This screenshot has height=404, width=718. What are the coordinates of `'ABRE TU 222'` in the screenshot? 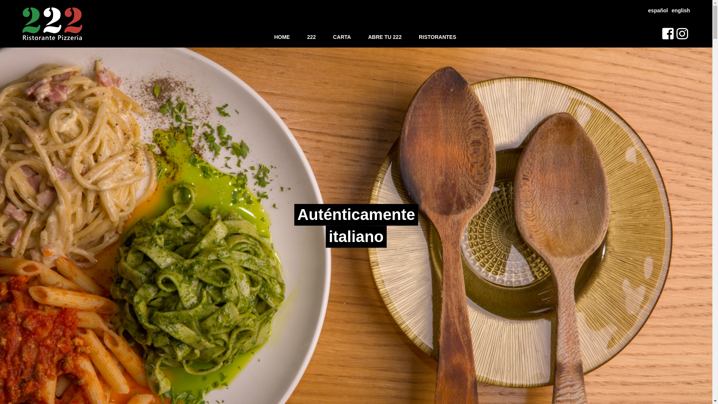 It's located at (384, 37).